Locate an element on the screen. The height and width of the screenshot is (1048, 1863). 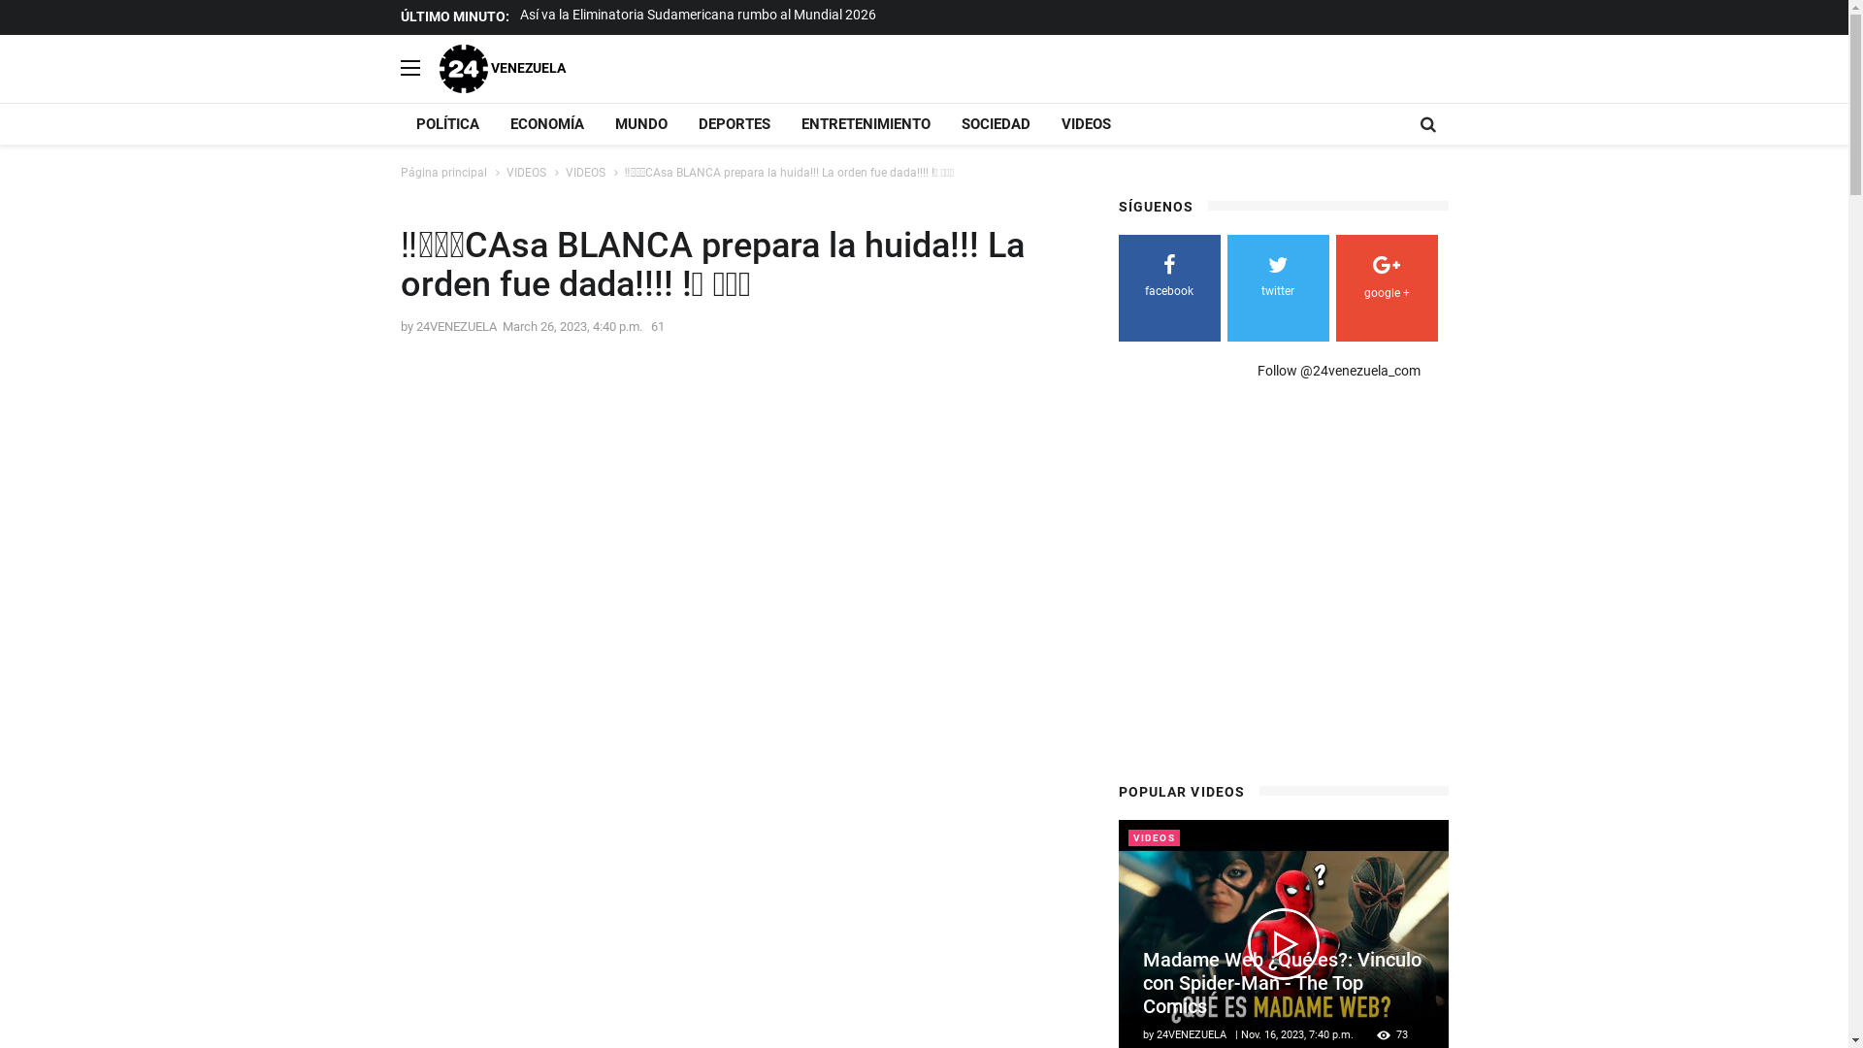
'ENTRETENIMIENTO' is located at coordinates (865, 123).